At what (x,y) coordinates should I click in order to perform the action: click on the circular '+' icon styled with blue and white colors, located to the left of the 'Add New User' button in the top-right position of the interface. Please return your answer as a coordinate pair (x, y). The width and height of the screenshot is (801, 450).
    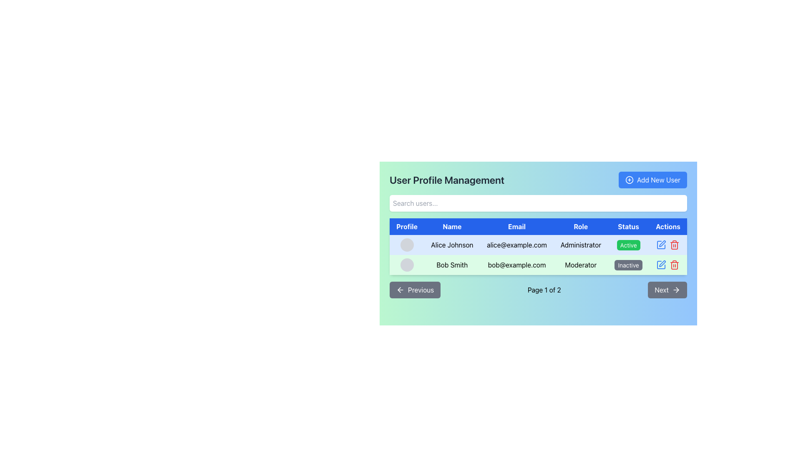
    Looking at the image, I should click on (629, 180).